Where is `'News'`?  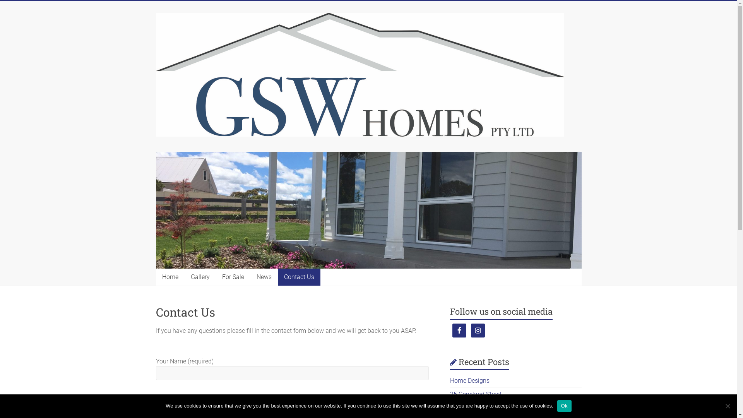 'News' is located at coordinates (264, 277).